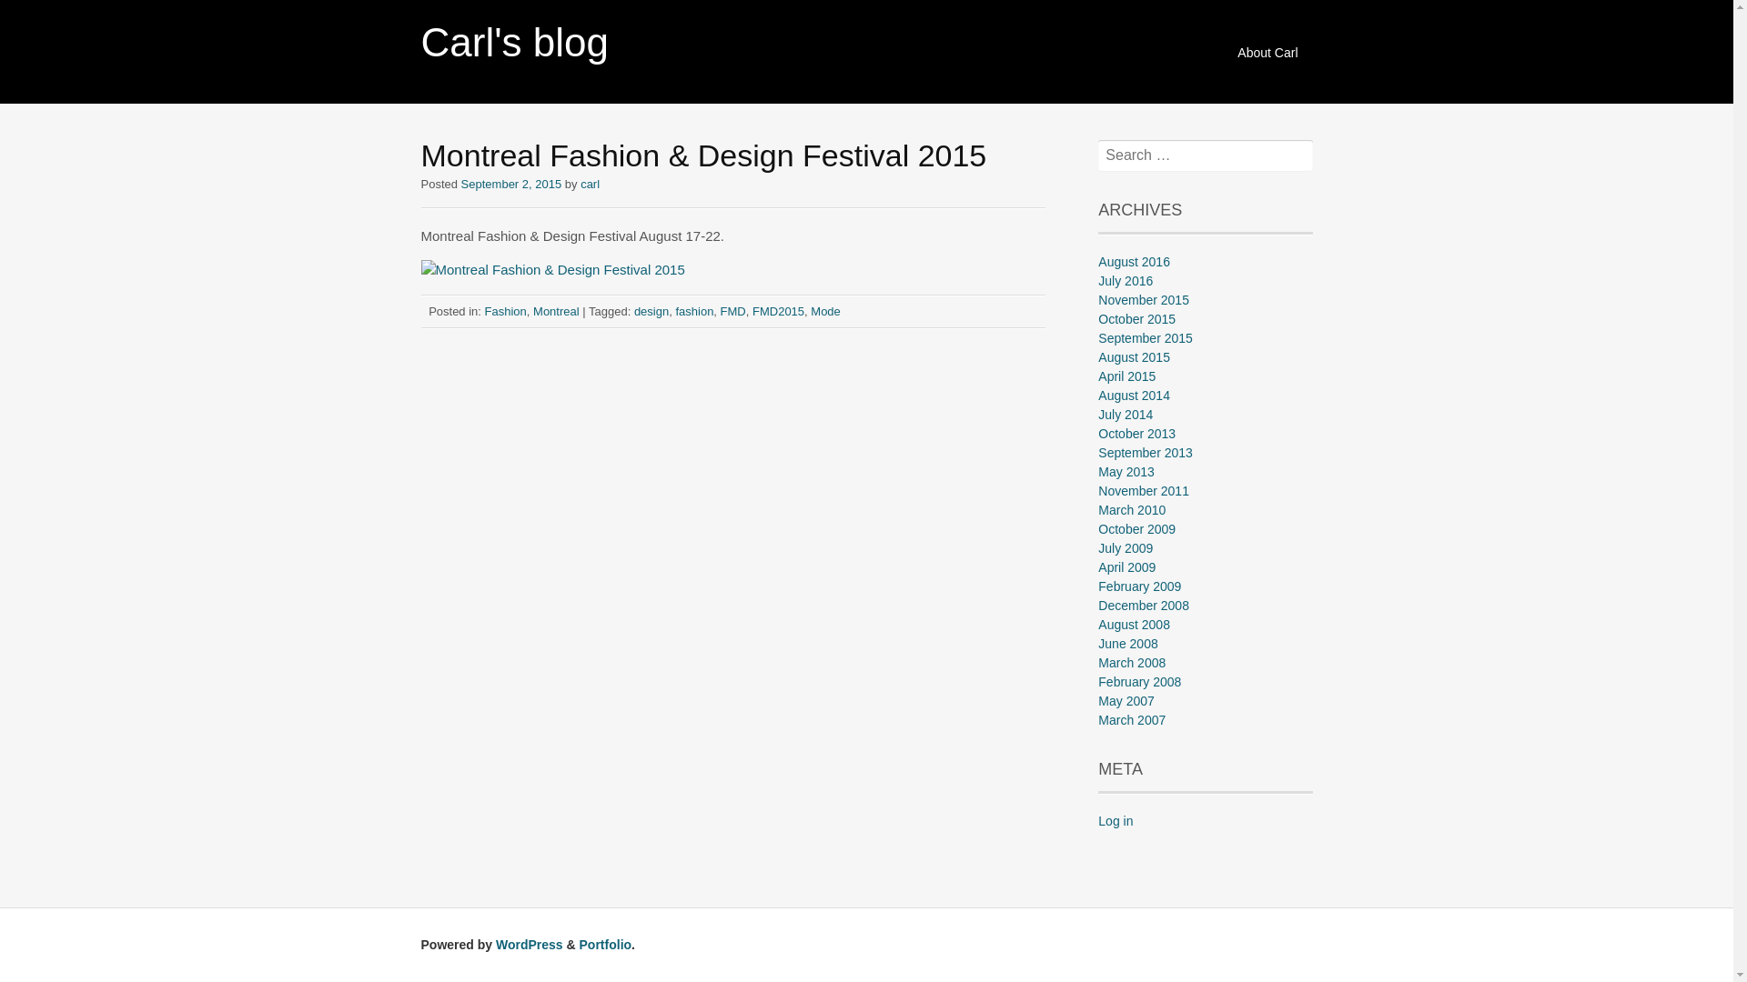 The width and height of the screenshot is (1747, 982). I want to click on 'fashion', so click(693, 309).